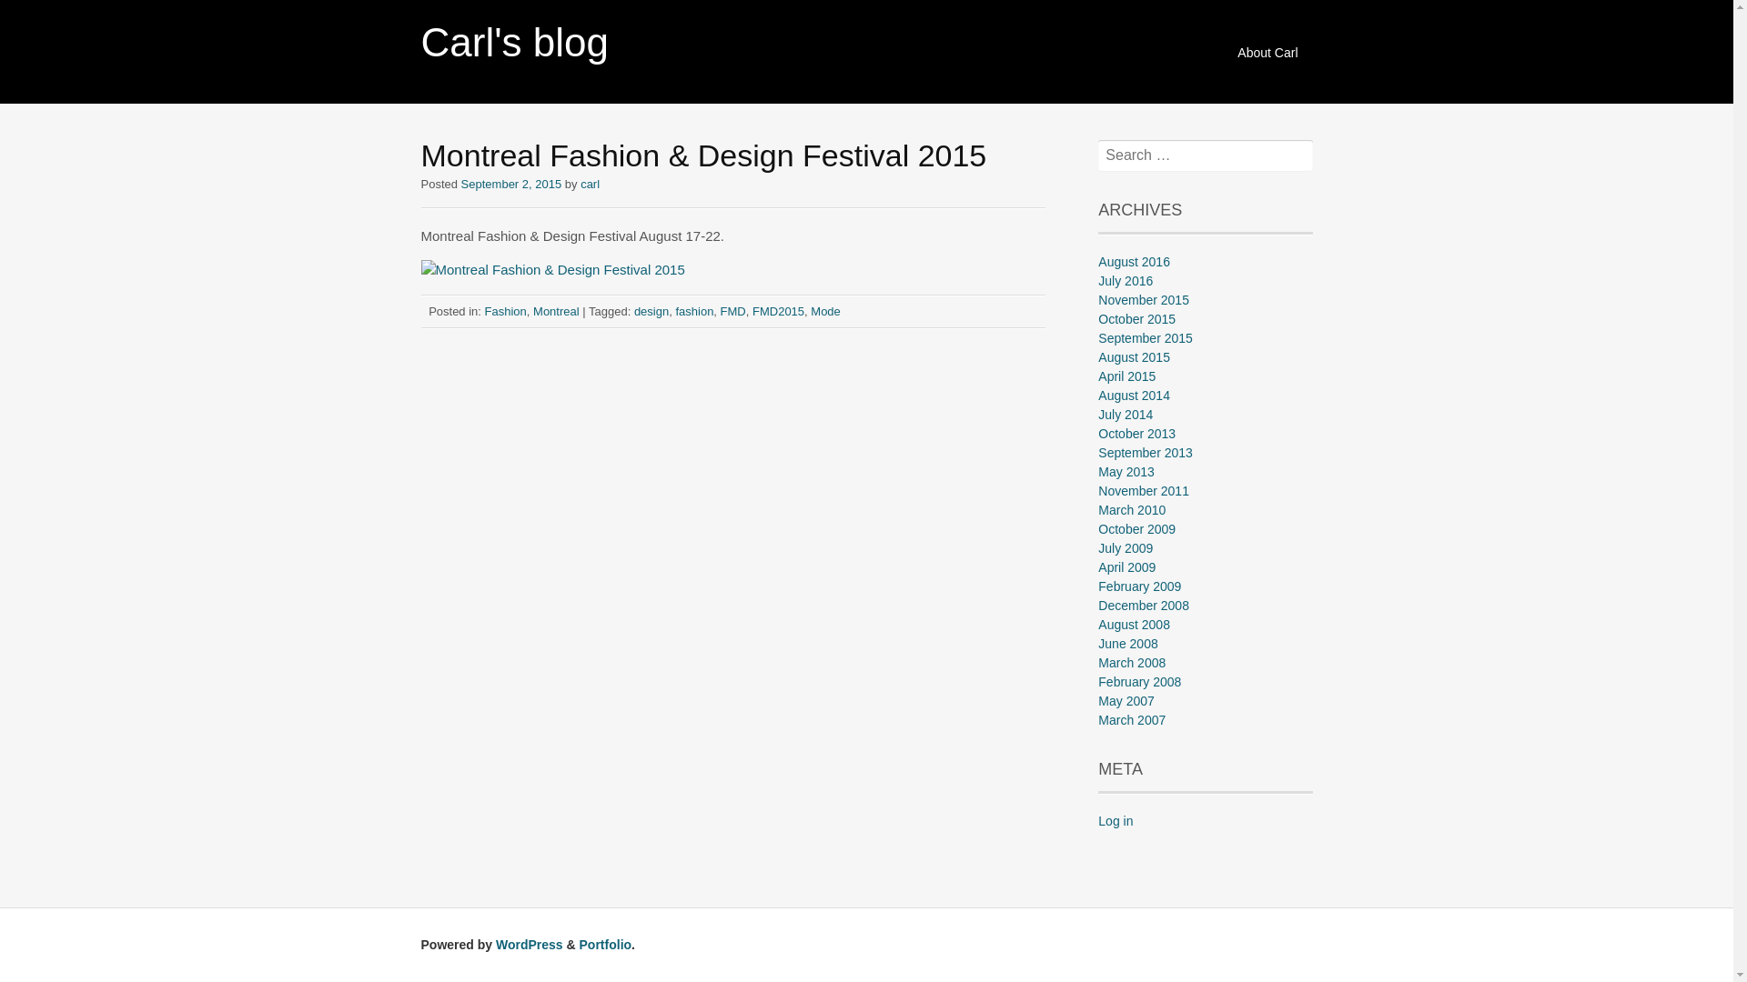 The width and height of the screenshot is (1747, 982). I want to click on 'fashion', so click(693, 309).